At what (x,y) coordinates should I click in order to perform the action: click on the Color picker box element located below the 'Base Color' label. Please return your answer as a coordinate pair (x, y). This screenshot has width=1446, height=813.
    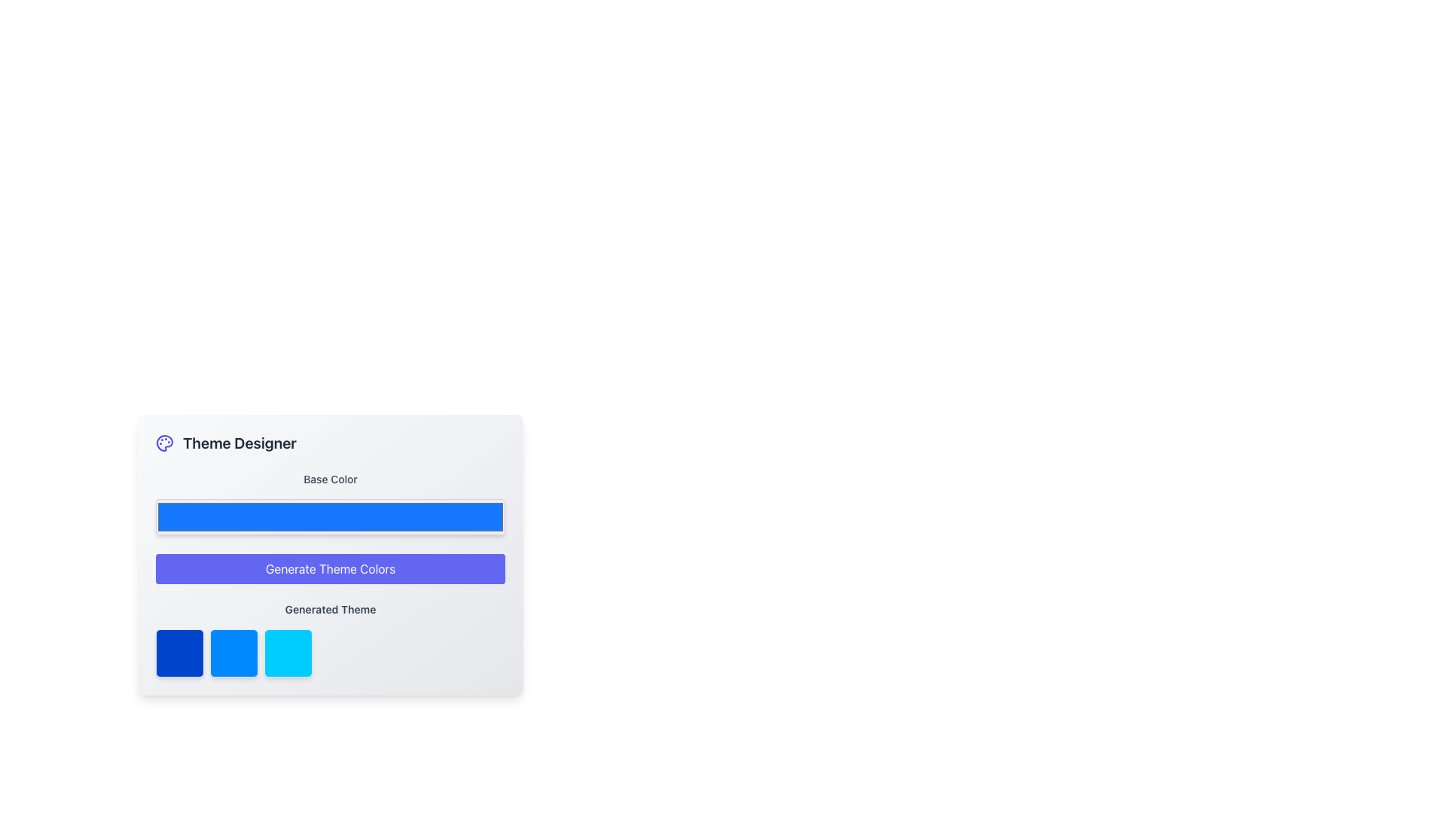
    Looking at the image, I should click on (329, 503).